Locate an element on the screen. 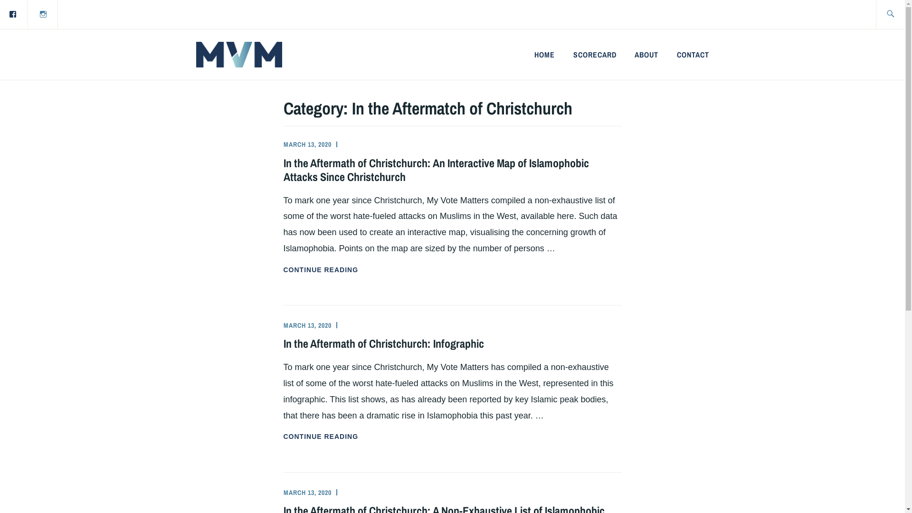  'SCORECARD' is located at coordinates (572, 55).